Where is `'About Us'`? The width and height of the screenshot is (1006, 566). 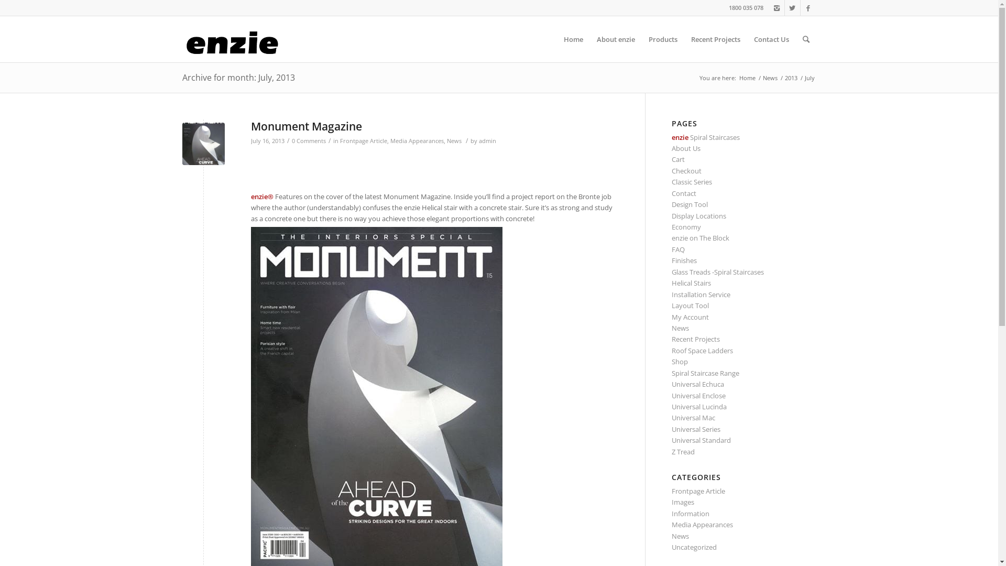 'About Us' is located at coordinates (686, 148).